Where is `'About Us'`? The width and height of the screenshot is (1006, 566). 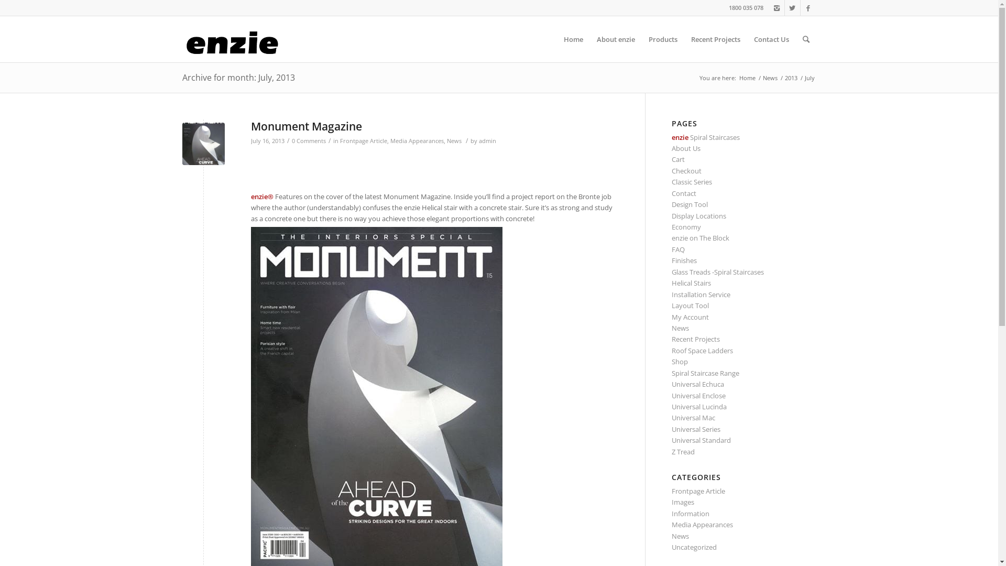 'About Us' is located at coordinates (686, 148).